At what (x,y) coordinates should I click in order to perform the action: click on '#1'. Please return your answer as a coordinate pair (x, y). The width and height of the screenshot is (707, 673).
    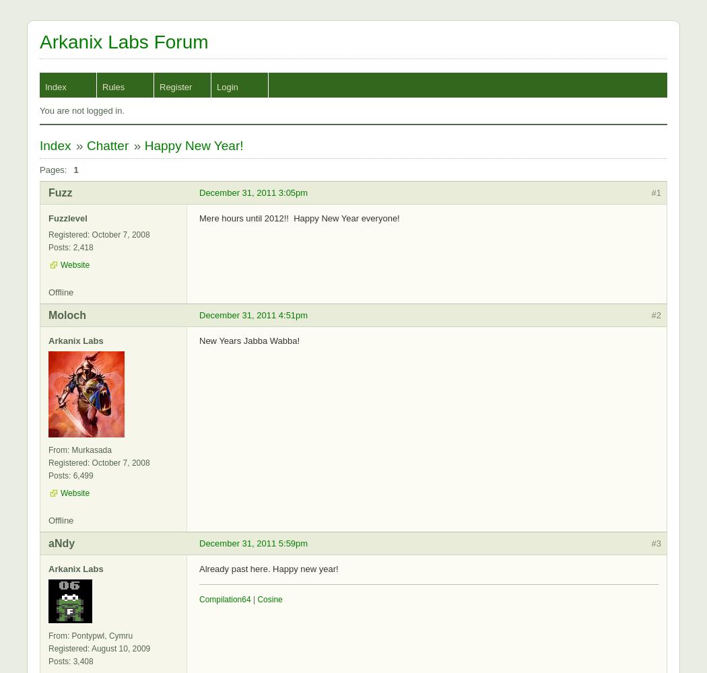
    Looking at the image, I should click on (655, 192).